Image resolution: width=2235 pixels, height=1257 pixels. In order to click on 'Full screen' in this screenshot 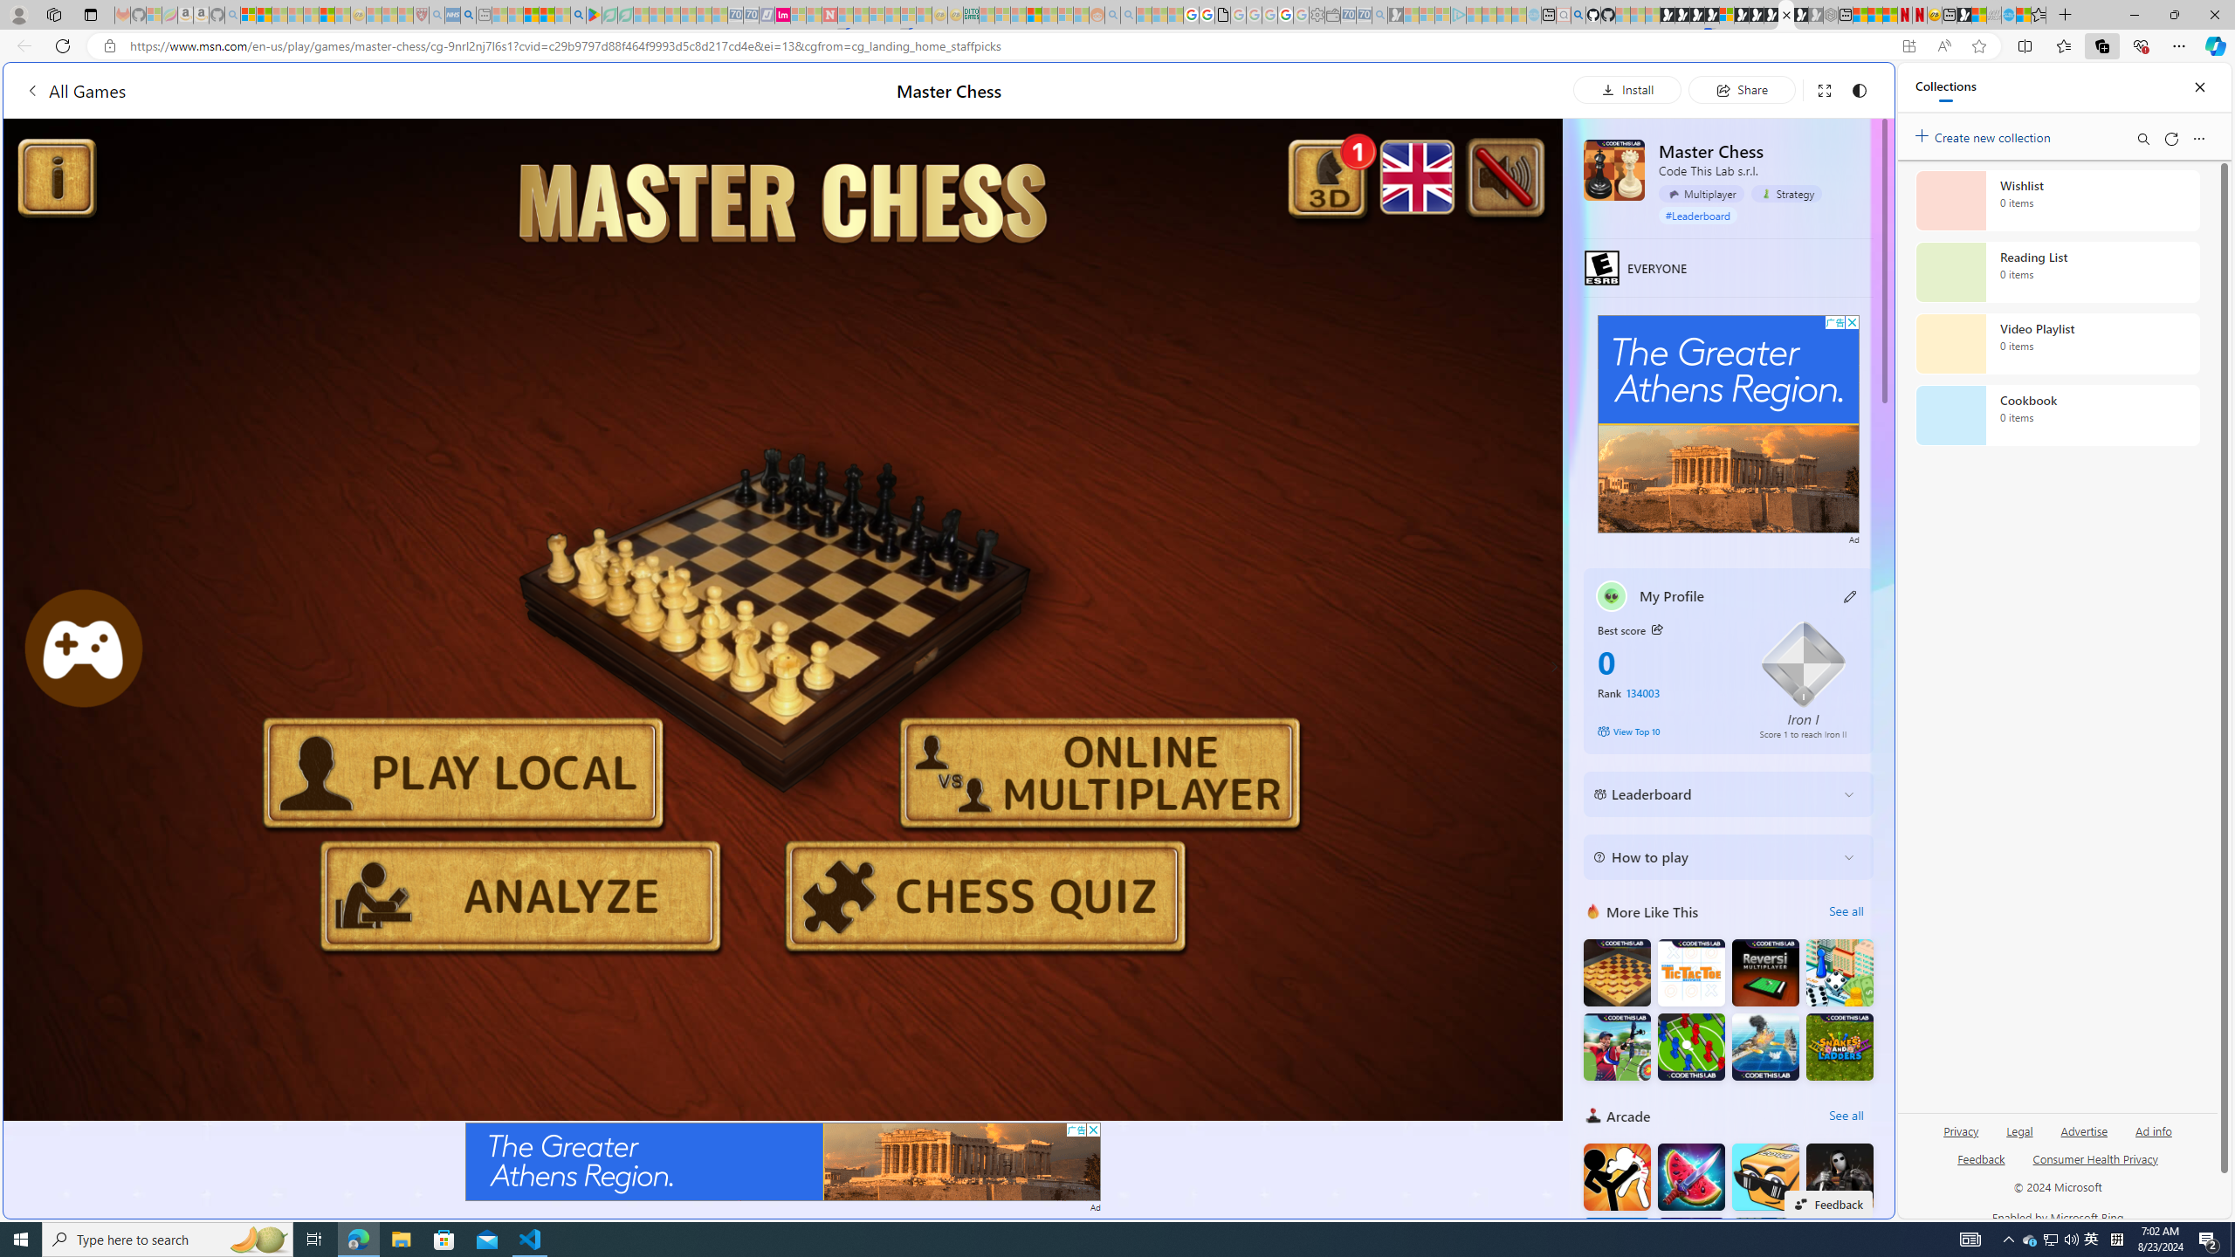, I will do `click(1822, 89)`.